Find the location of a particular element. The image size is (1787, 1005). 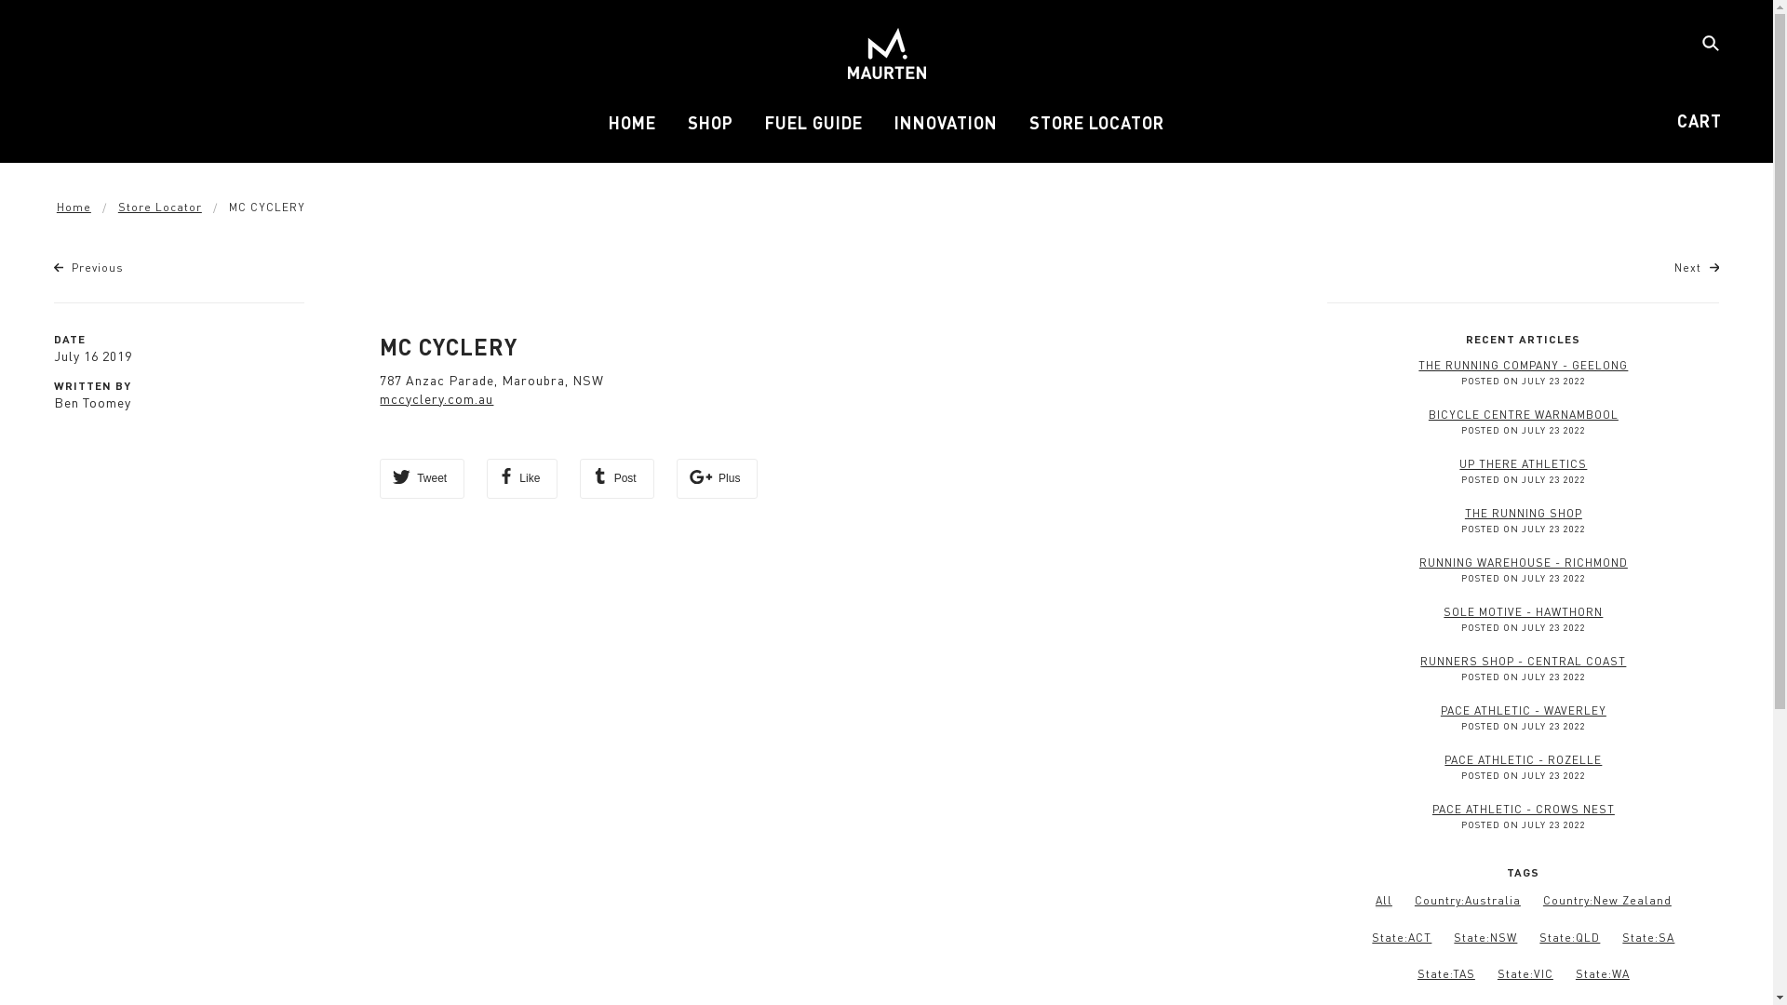

'SHOP' is located at coordinates (709, 128).